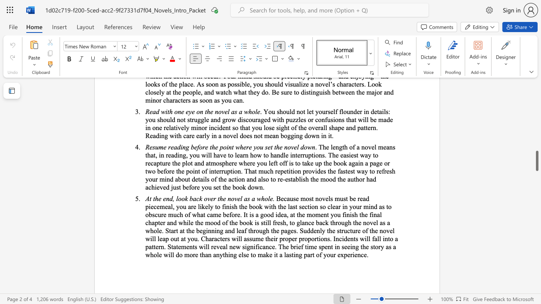 This screenshot has height=304, width=541. What do you see at coordinates (536, 190) in the screenshot?
I see `the scrollbar to move the view up` at bounding box center [536, 190].